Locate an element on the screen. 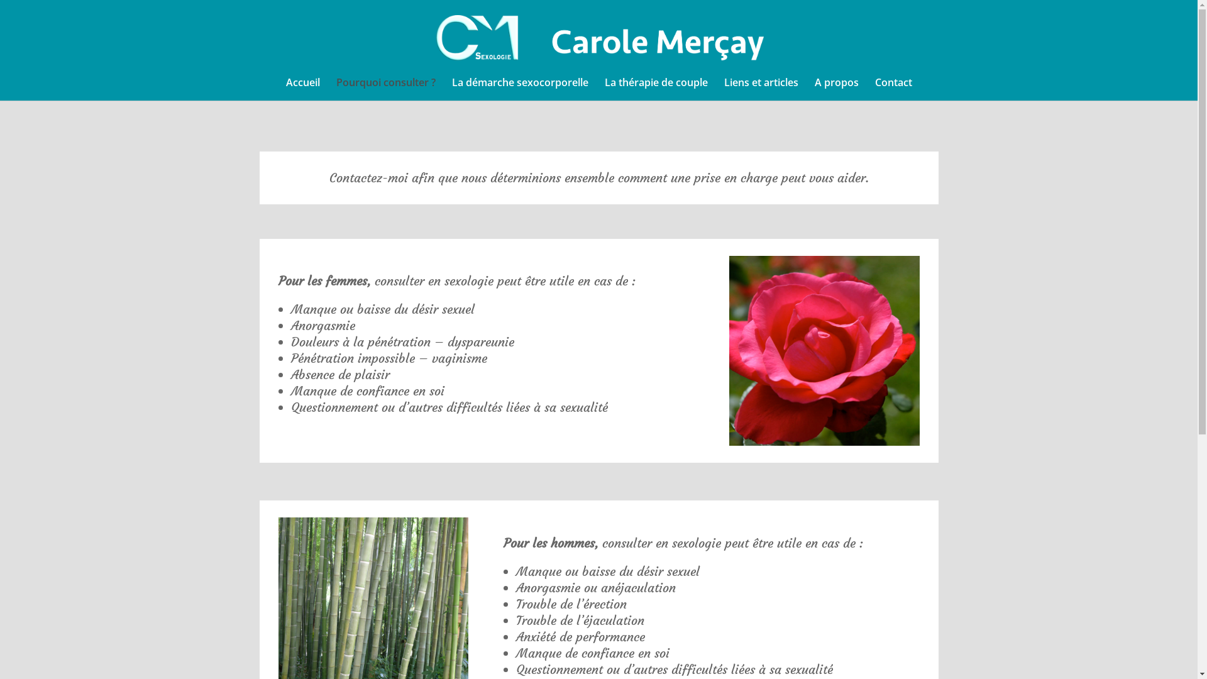  'Contact' is located at coordinates (893, 89).